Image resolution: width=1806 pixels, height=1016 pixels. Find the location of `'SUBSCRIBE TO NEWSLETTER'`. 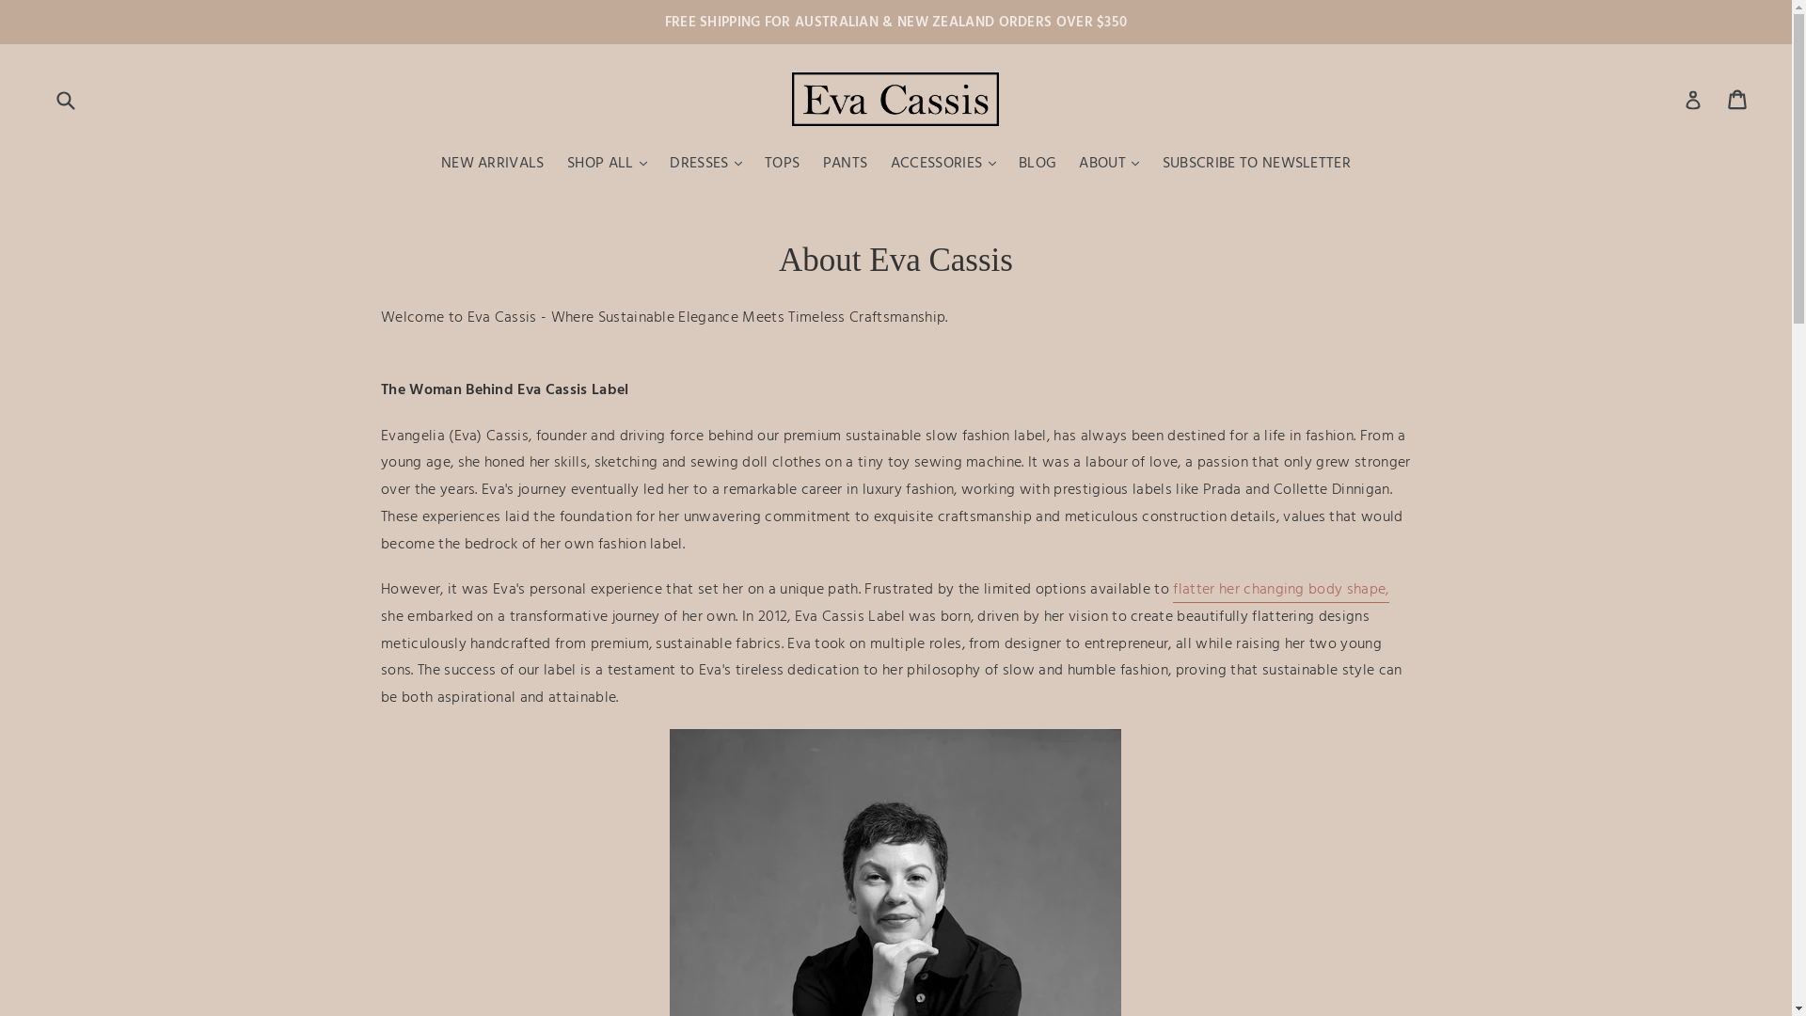

'SUBSCRIBE TO NEWSLETTER' is located at coordinates (1151, 163).